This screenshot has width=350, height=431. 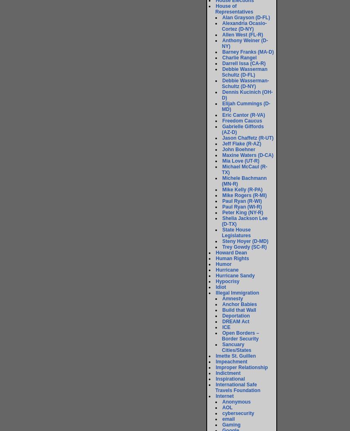 What do you see at coordinates (222, 57) in the screenshot?
I see `'Charlie Rangel'` at bounding box center [222, 57].